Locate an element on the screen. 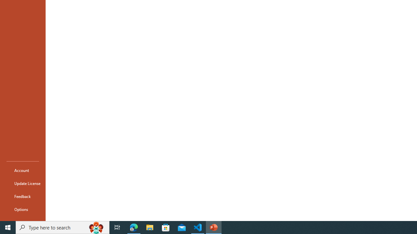 The width and height of the screenshot is (417, 234). 'Options' is located at coordinates (22, 209).